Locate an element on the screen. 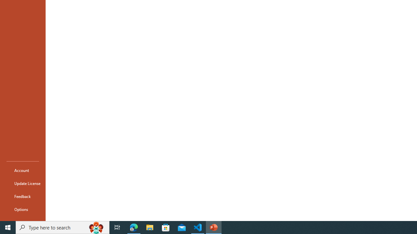 The width and height of the screenshot is (417, 234). 'Options' is located at coordinates (22, 209).